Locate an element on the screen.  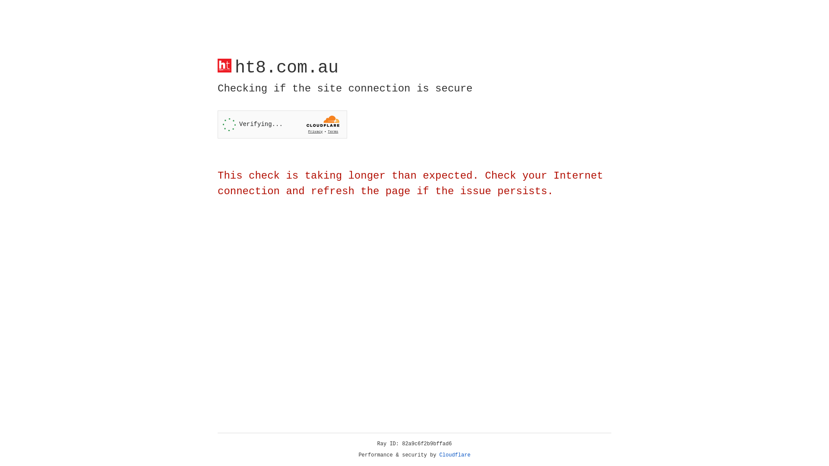
'Cloudflare' is located at coordinates (455, 455).